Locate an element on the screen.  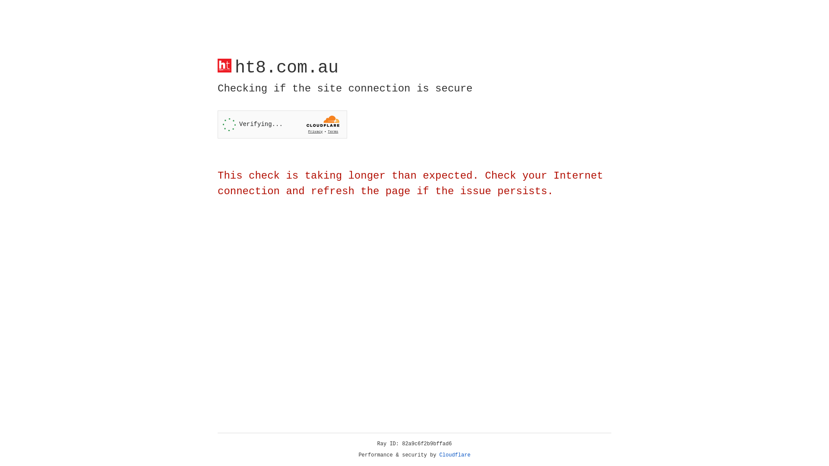
'Cloudflare' is located at coordinates (455, 455).